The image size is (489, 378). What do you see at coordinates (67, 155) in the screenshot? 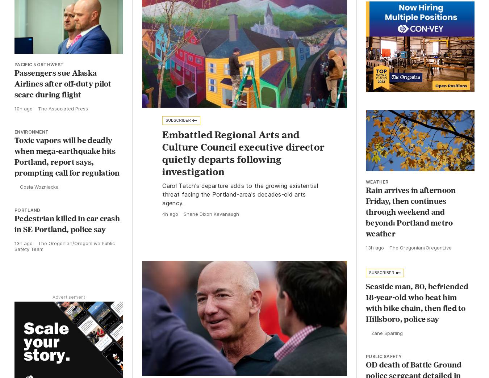
I see `'Toxic vapors will be deadly when mega-earthquake hits Portland, report says, prompting call for regulation'` at bounding box center [67, 155].